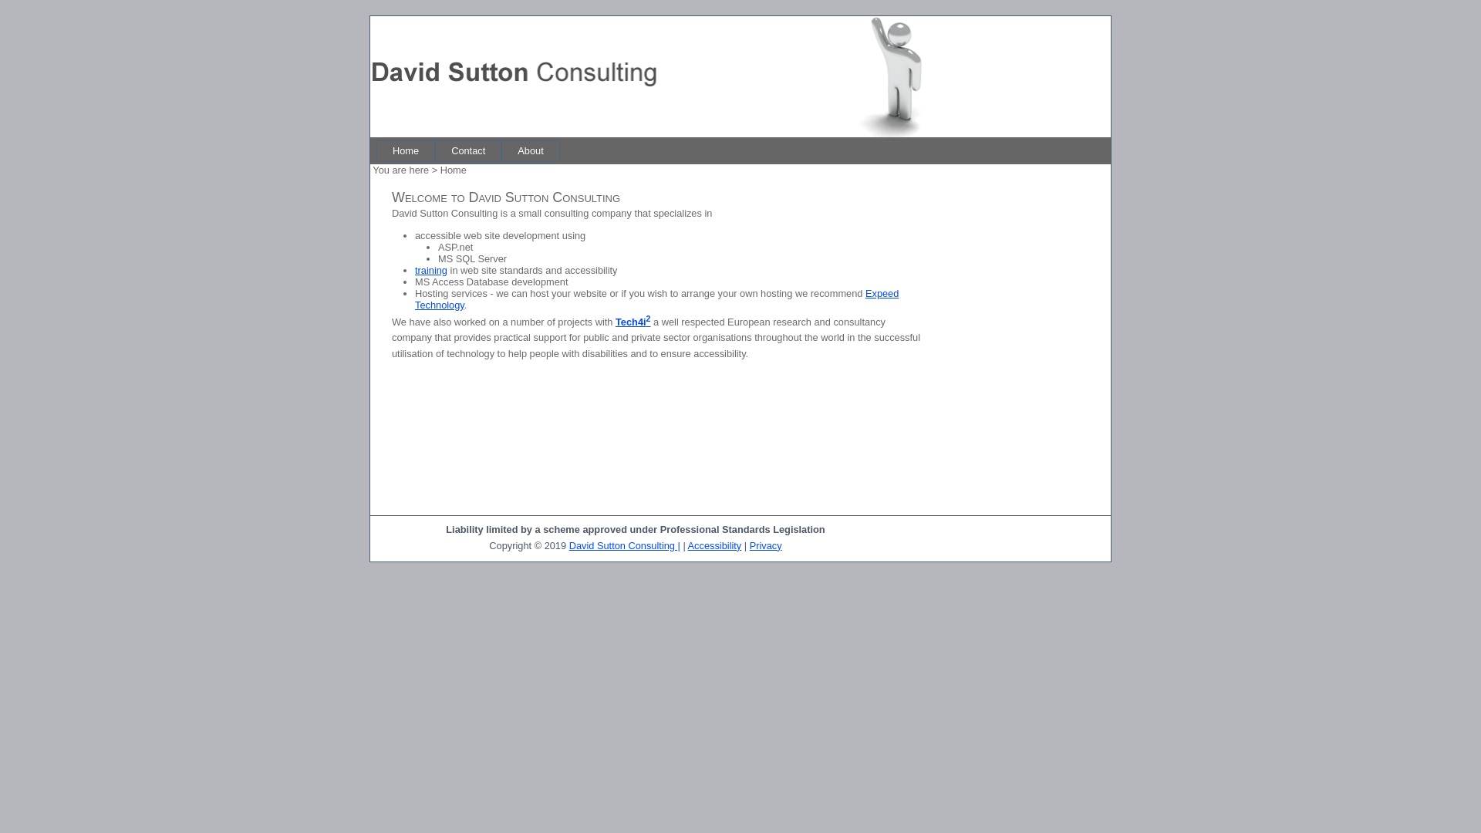 The image size is (1481, 833). I want to click on 'Privacy', so click(766, 545).